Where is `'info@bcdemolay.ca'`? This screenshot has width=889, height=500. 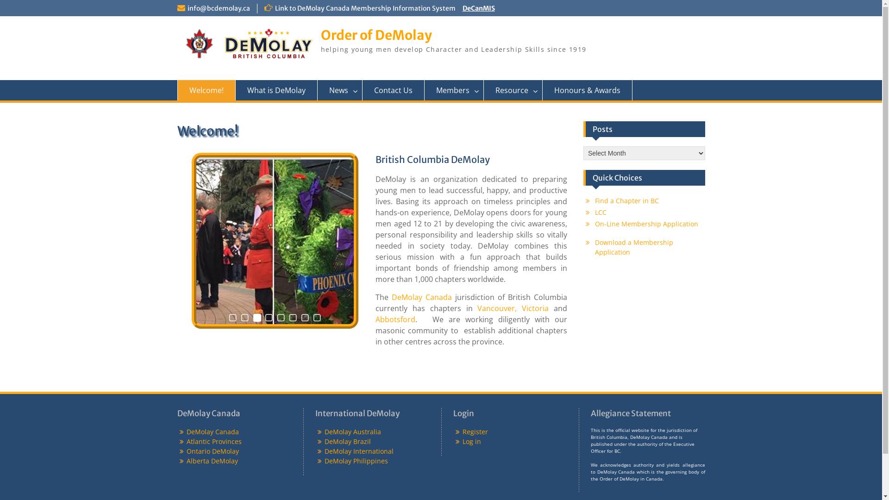
'info@bcdemolay.ca' is located at coordinates (186, 8).